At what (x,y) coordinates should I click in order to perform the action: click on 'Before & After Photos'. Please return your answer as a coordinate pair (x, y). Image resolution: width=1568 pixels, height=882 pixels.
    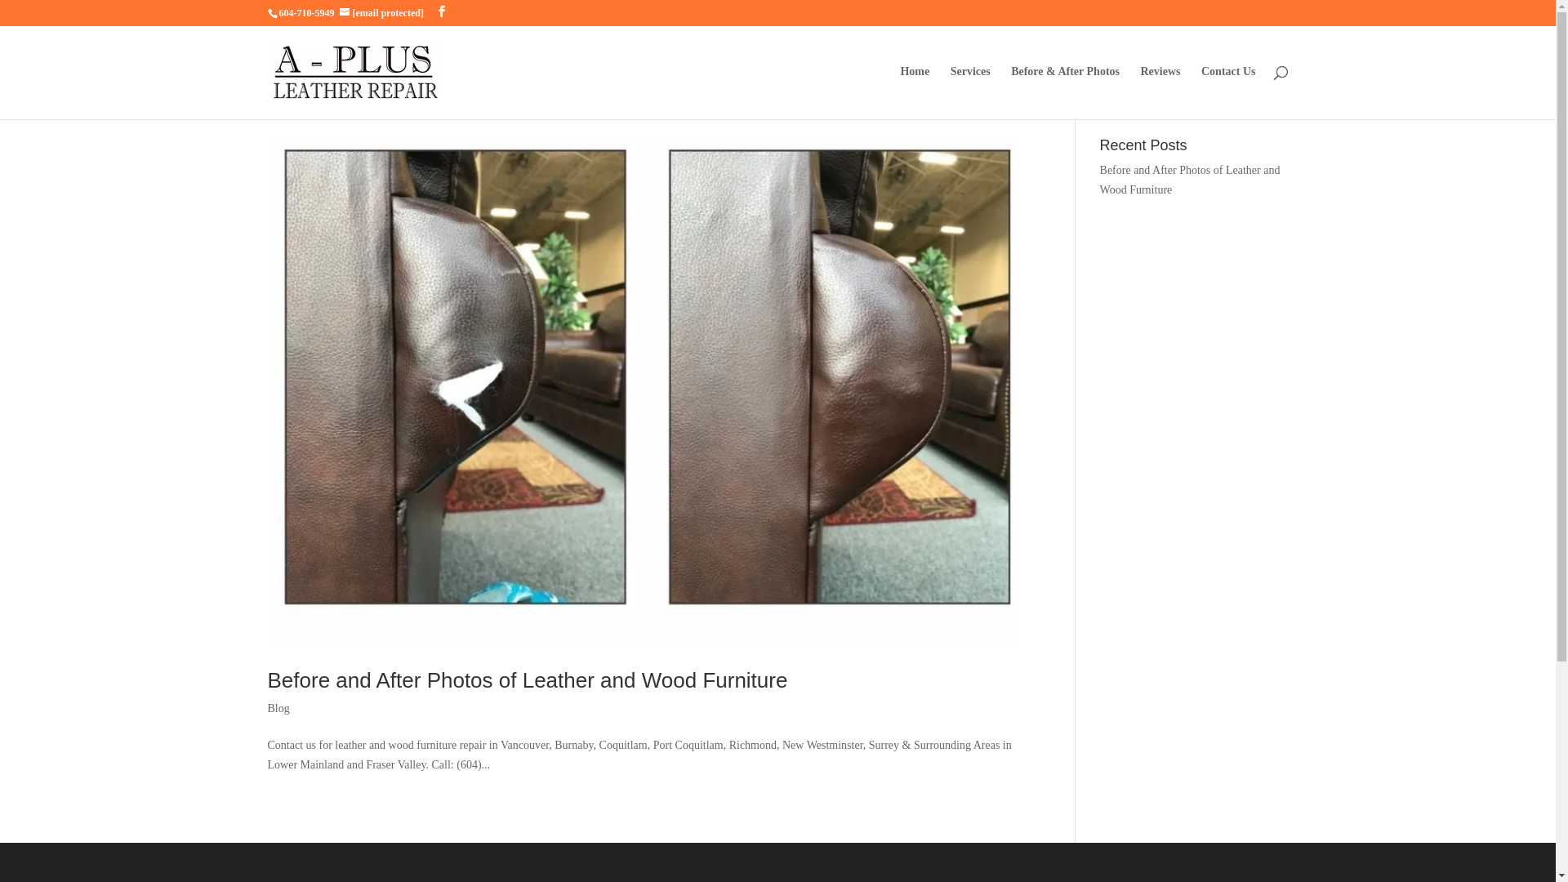
    Looking at the image, I should click on (1065, 92).